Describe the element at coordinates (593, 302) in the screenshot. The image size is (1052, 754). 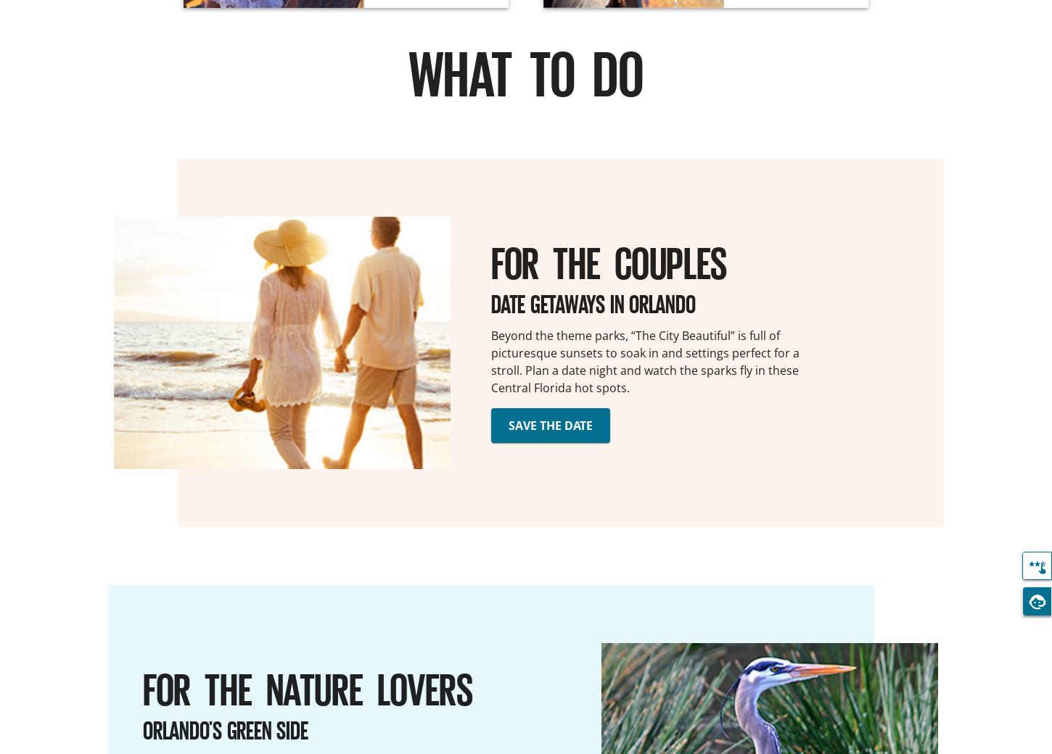
I see `'Date Getaways in Orlando'` at that location.